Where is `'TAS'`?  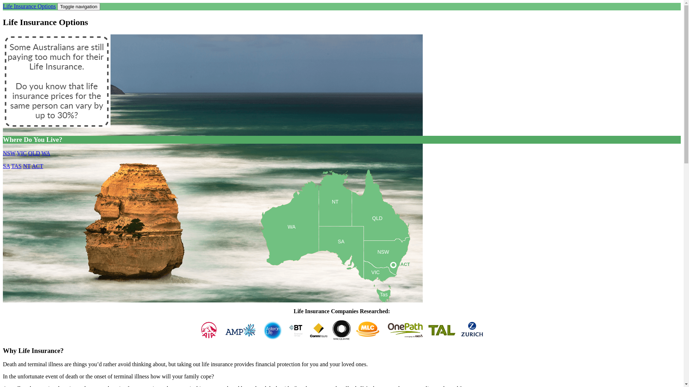
'TAS' is located at coordinates (16, 166).